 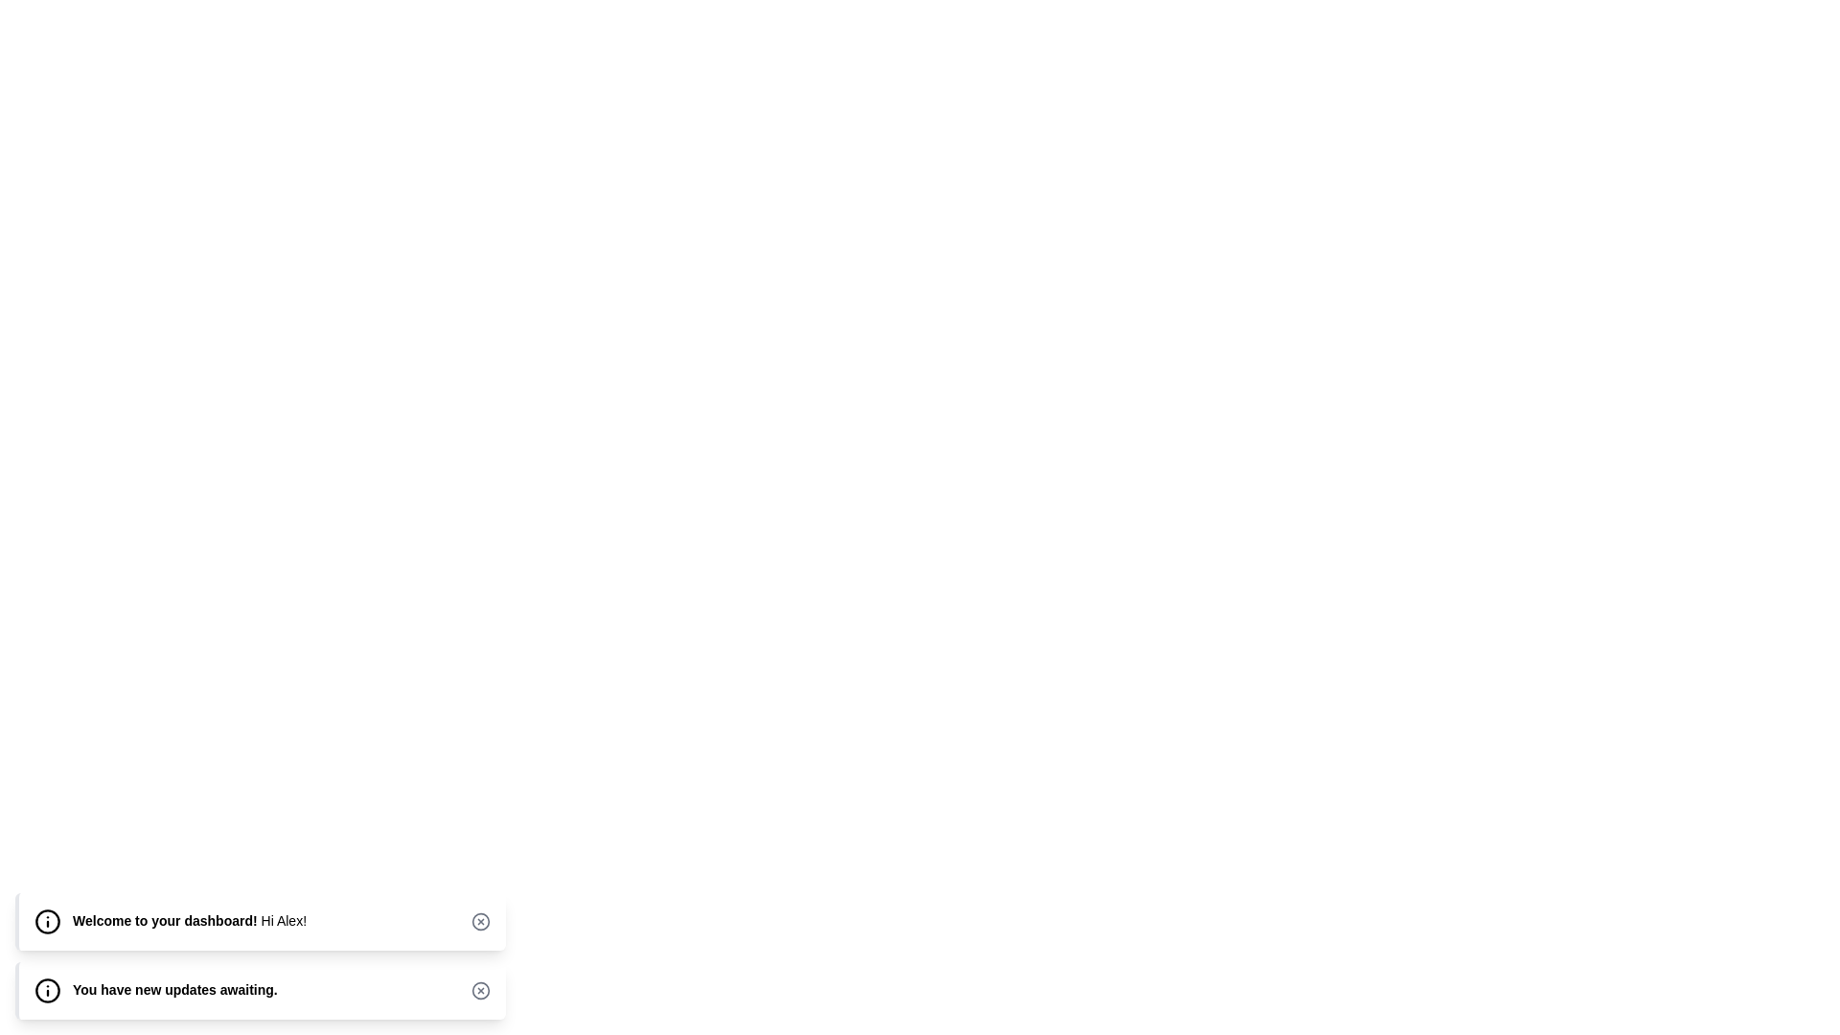 I want to click on the SVG circle graphic that is part of the notification icon located at the start of a notification about the dashboard, so click(x=46, y=920).